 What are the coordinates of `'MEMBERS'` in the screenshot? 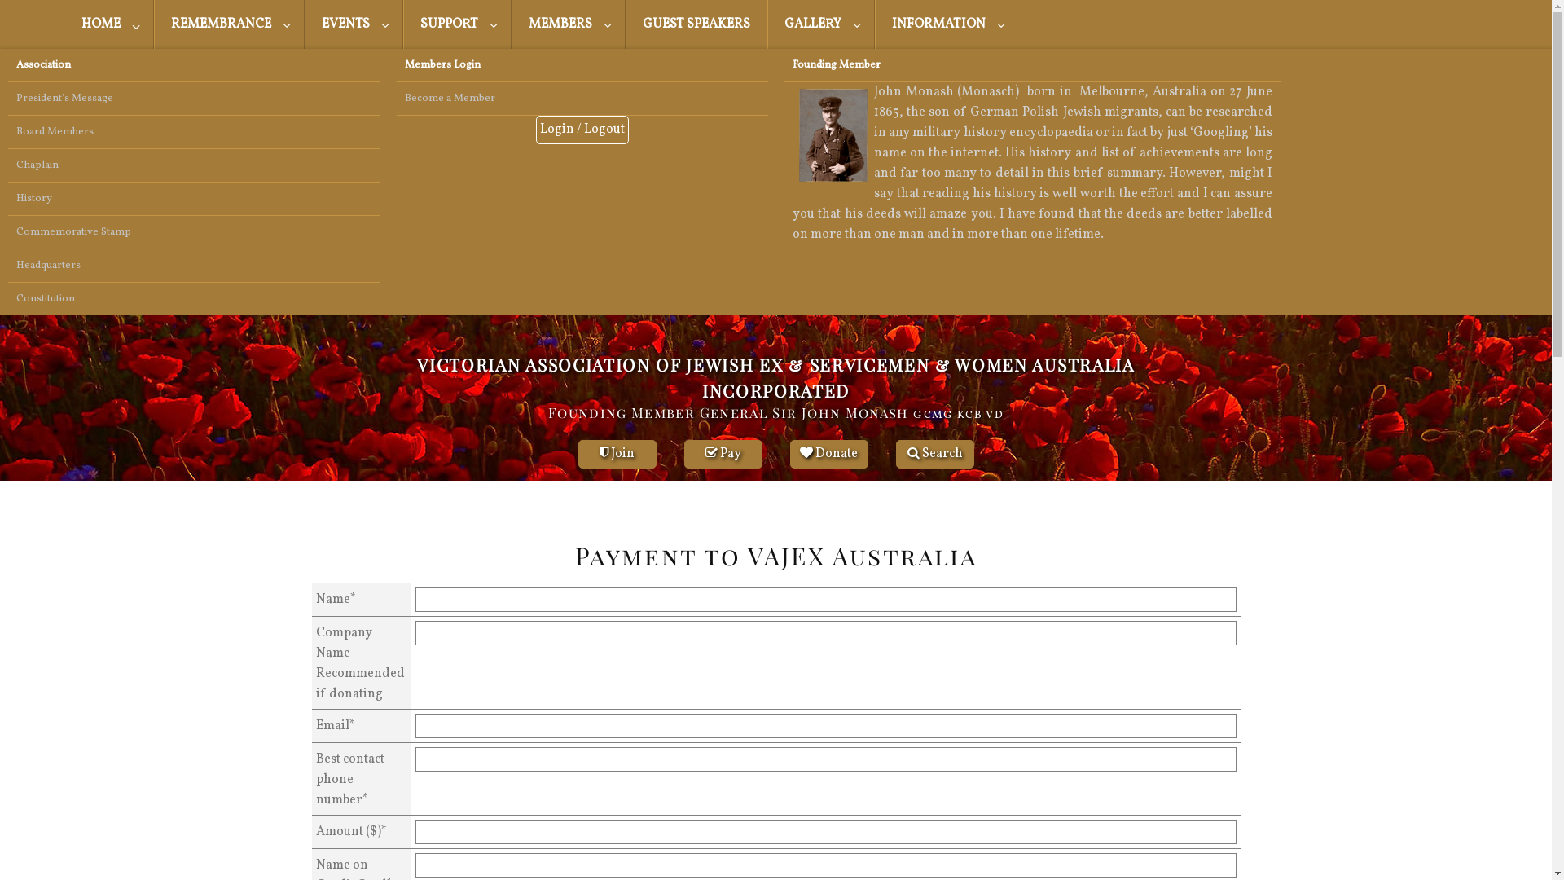 It's located at (568, 24).